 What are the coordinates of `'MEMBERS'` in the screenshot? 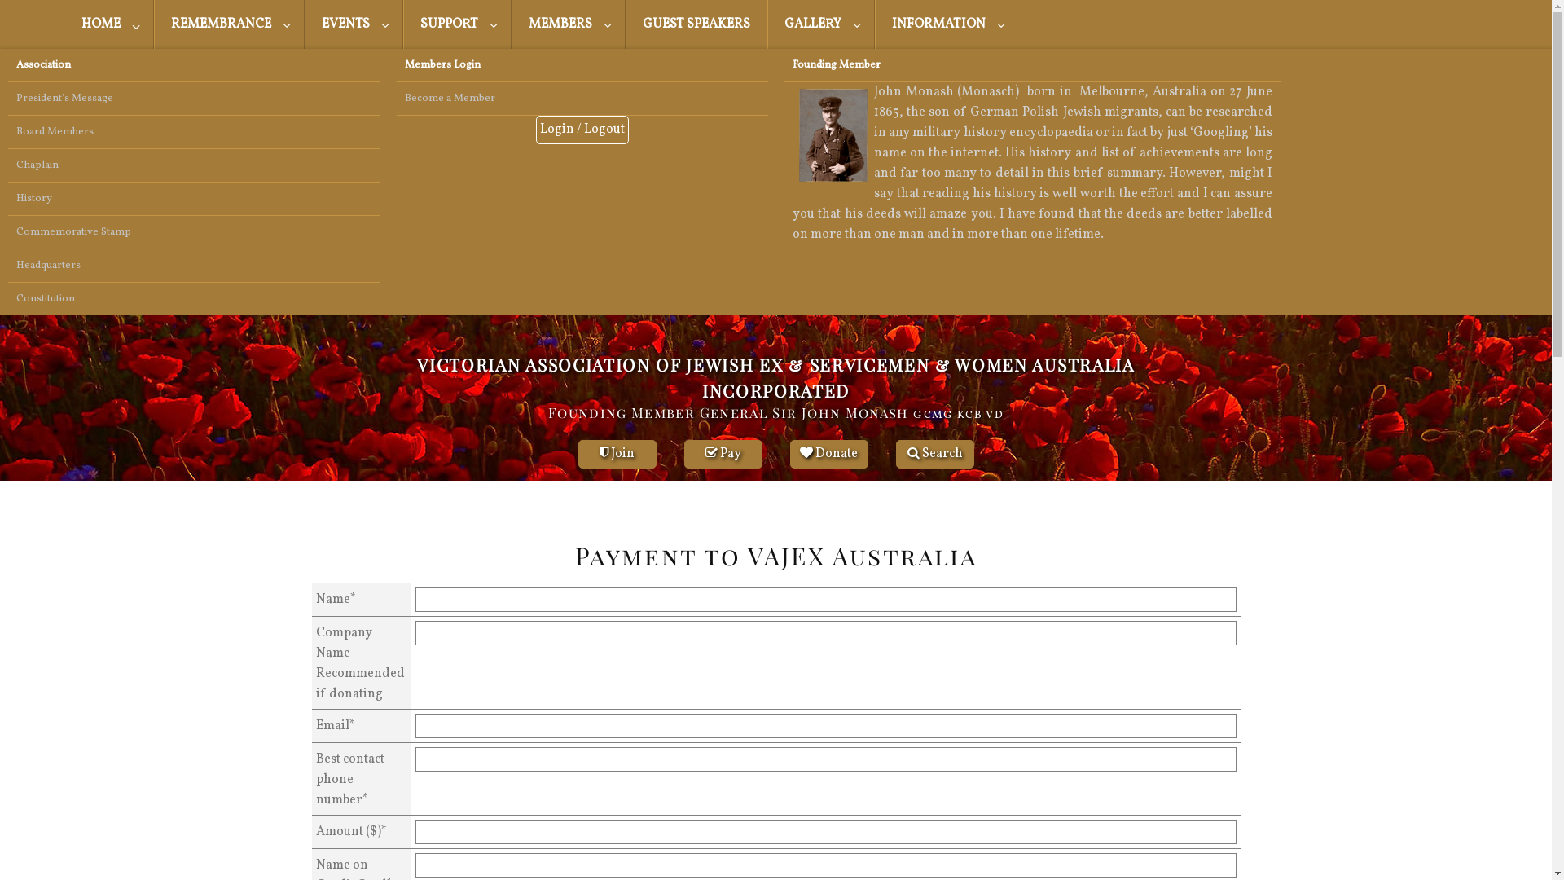 It's located at (568, 24).